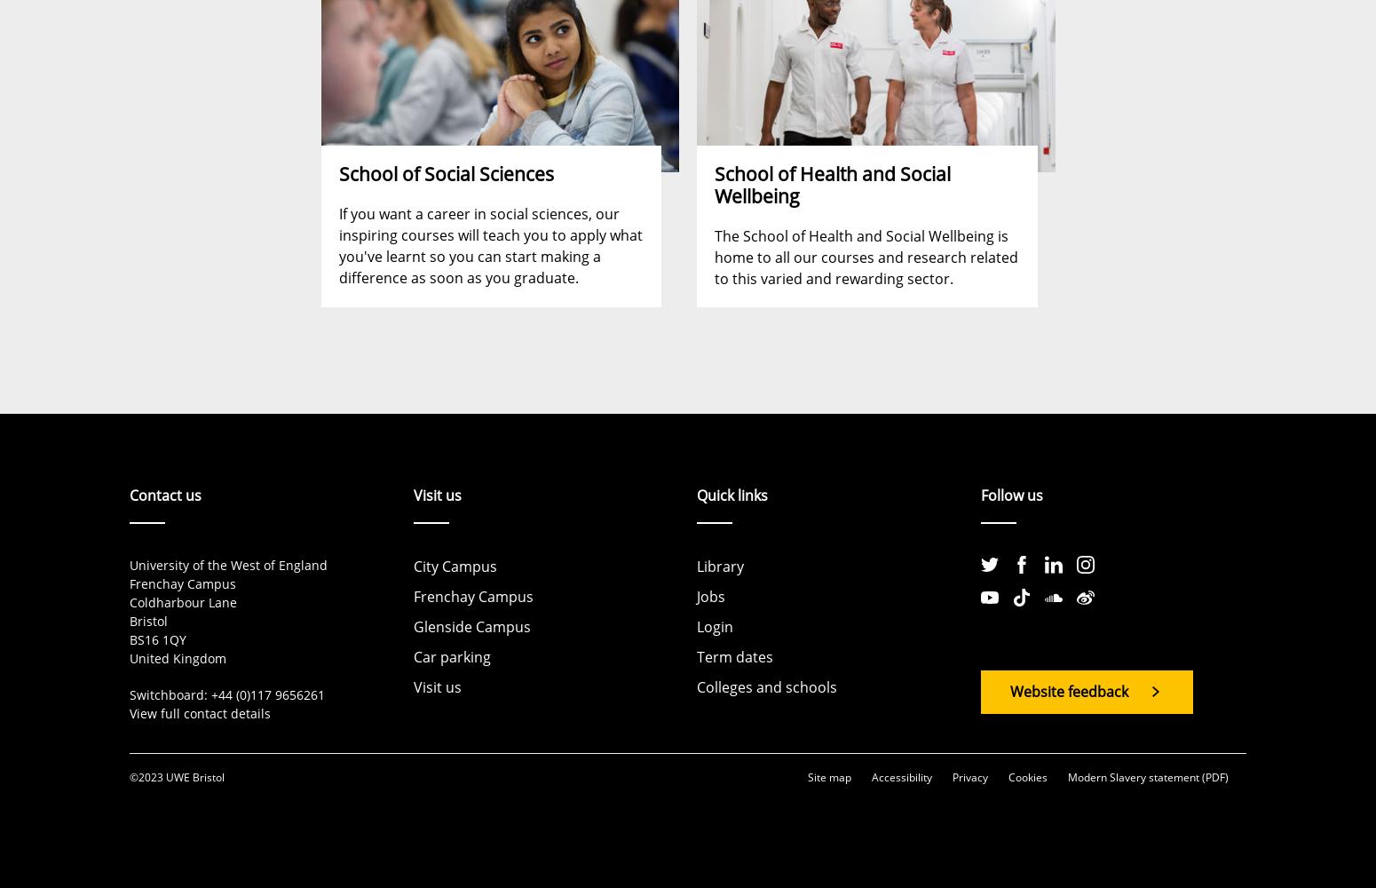 This screenshot has width=1376, height=888. What do you see at coordinates (267, 694) in the screenshot?
I see `'+44 (0)117 9656261'` at bounding box center [267, 694].